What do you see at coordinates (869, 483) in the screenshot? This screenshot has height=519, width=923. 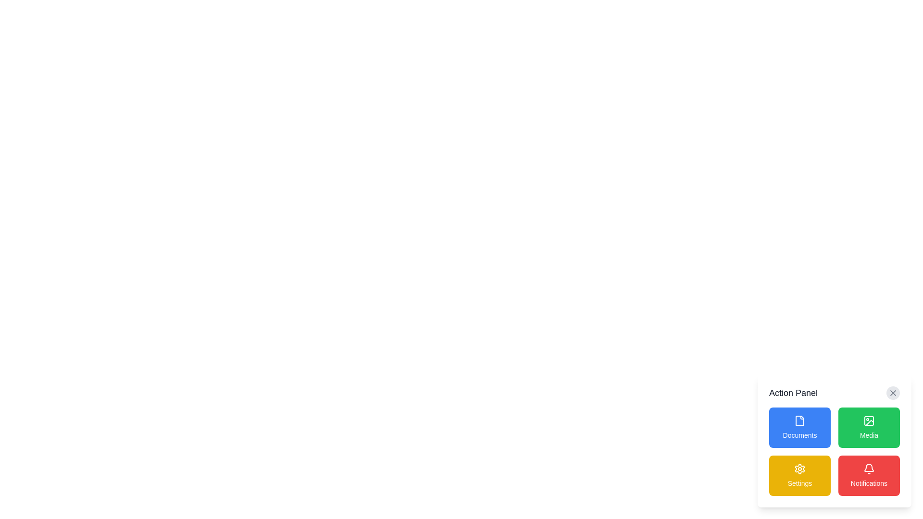 I see `the 'Notifications' button located in the bottom-right corner of the action panel` at bounding box center [869, 483].